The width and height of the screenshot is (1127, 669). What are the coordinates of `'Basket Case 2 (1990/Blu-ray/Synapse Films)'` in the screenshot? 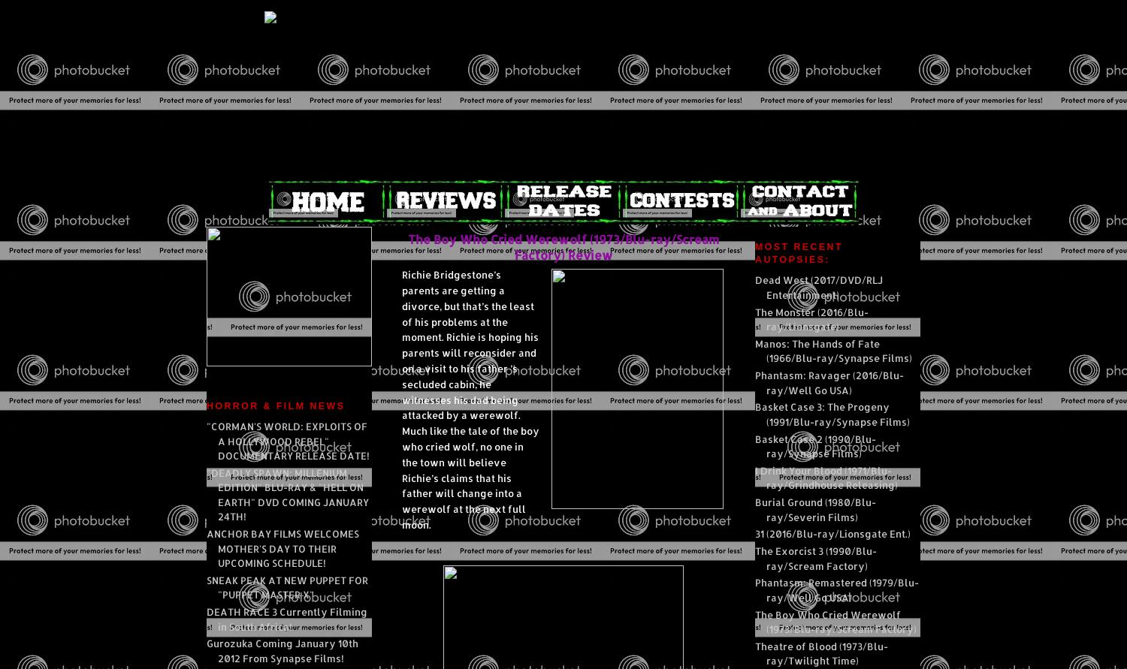 It's located at (814, 446).